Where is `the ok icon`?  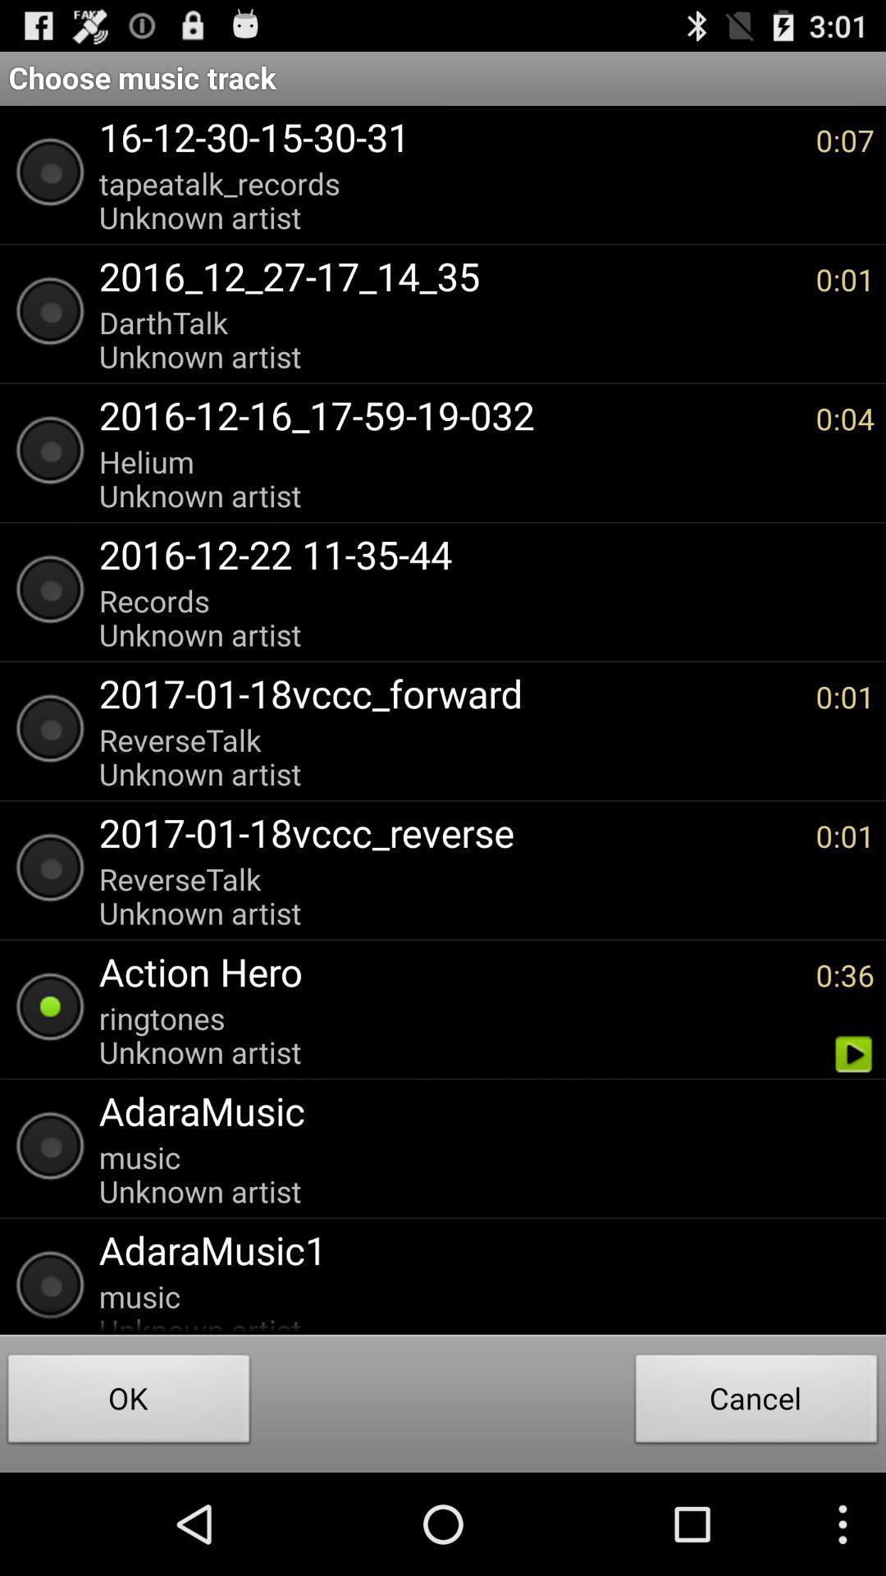 the ok icon is located at coordinates (128, 1402).